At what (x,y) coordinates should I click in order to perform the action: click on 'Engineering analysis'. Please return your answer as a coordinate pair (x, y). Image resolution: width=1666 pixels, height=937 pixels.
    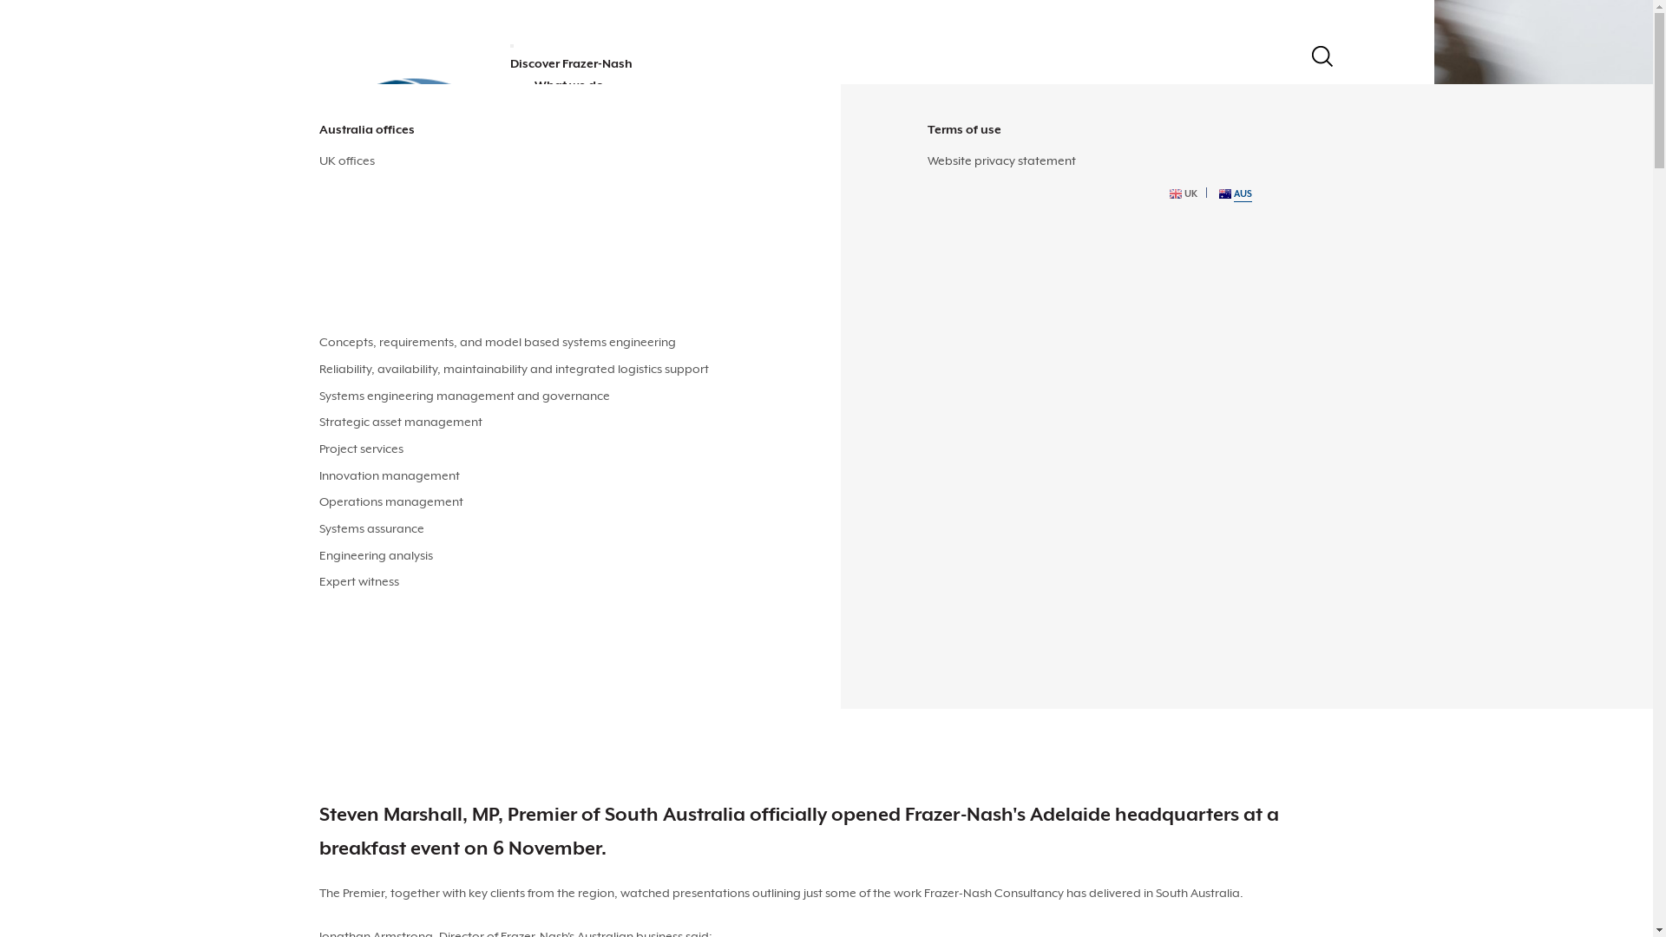
    Looking at the image, I should click on (375, 555).